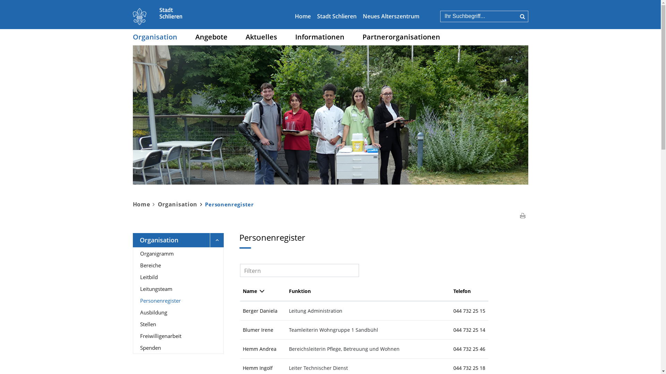 This screenshot has width=666, height=374. What do you see at coordinates (133, 37) in the screenshot?
I see `'Organisation'` at bounding box center [133, 37].